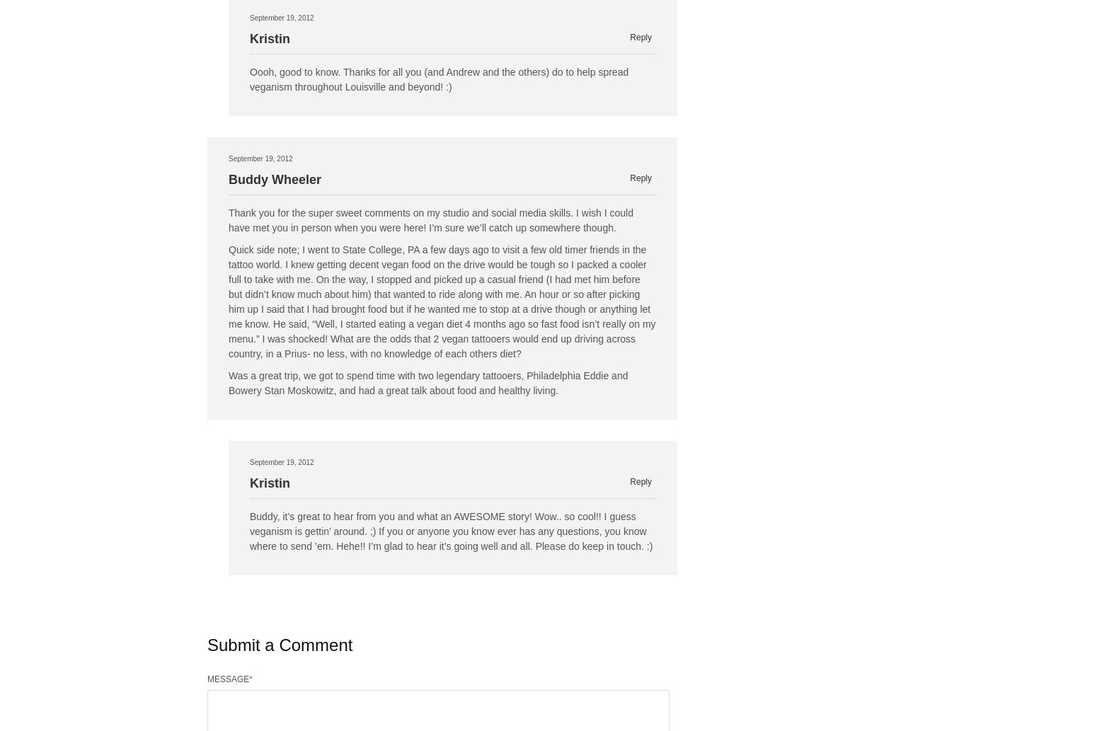  What do you see at coordinates (207, 678) in the screenshot?
I see `'Message'` at bounding box center [207, 678].